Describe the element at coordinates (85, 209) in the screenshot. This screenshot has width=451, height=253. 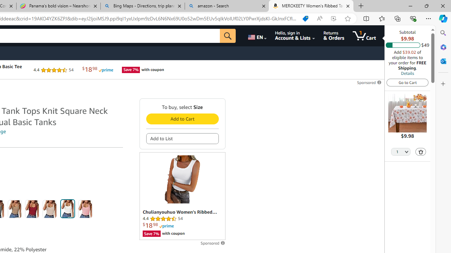
I see `'Pink'` at that location.